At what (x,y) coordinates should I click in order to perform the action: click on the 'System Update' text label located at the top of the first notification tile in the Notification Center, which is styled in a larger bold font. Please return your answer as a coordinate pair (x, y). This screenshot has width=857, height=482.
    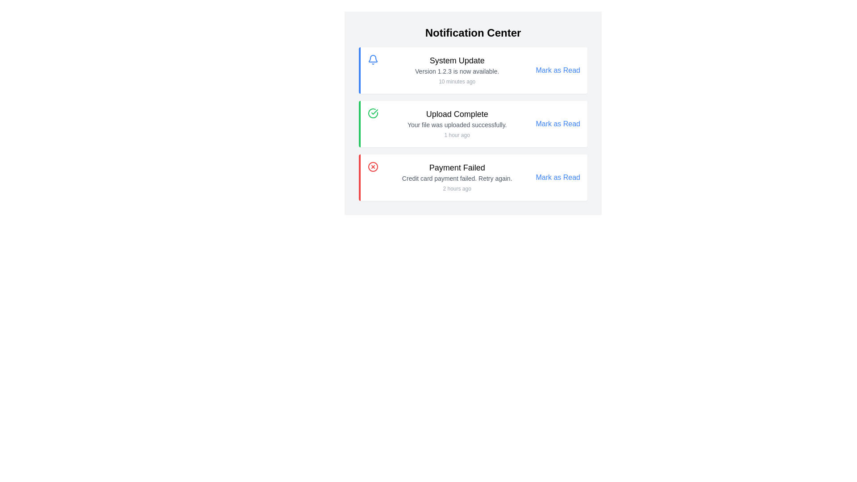
    Looking at the image, I should click on (457, 60).